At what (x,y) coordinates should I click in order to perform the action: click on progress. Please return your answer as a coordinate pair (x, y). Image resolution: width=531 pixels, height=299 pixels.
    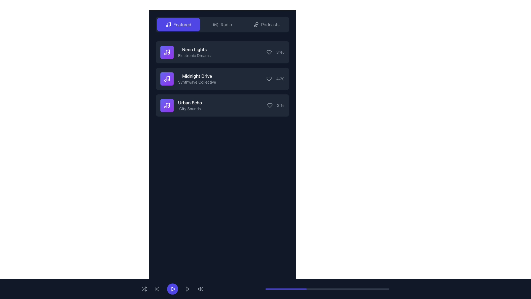
    Looking at the image, I should click on (366, 289).